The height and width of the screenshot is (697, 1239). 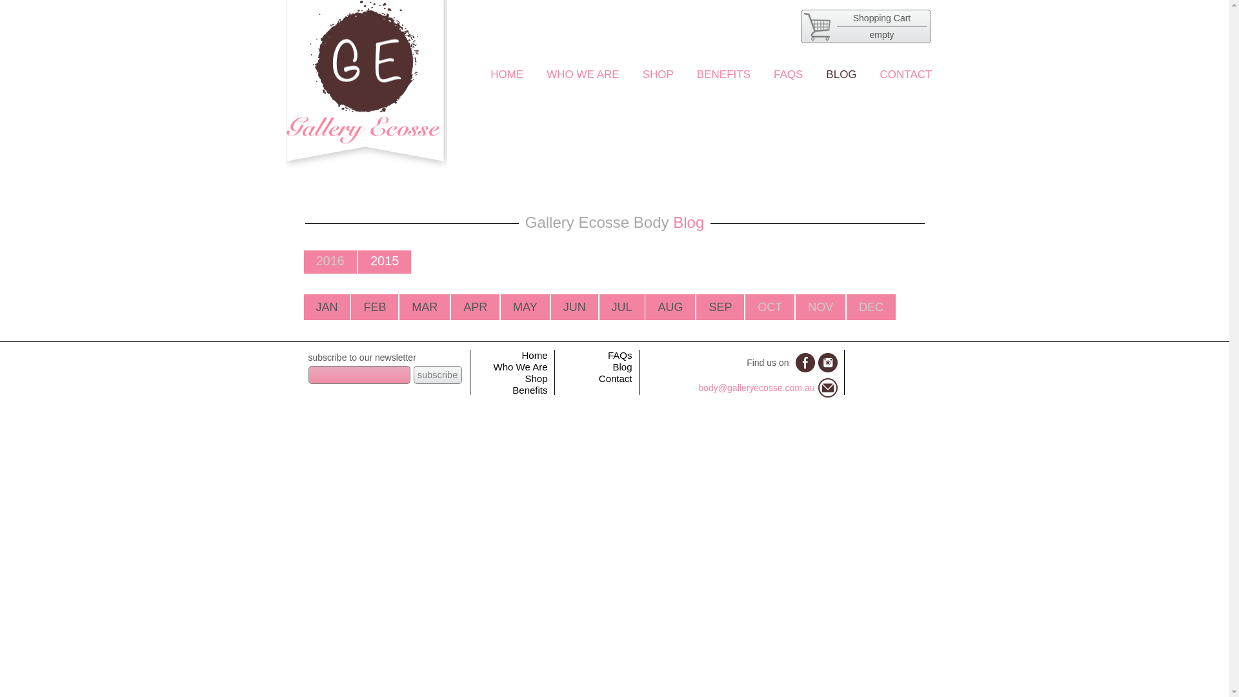 I want to click on 'SHOP', so click(x=658, y=74).